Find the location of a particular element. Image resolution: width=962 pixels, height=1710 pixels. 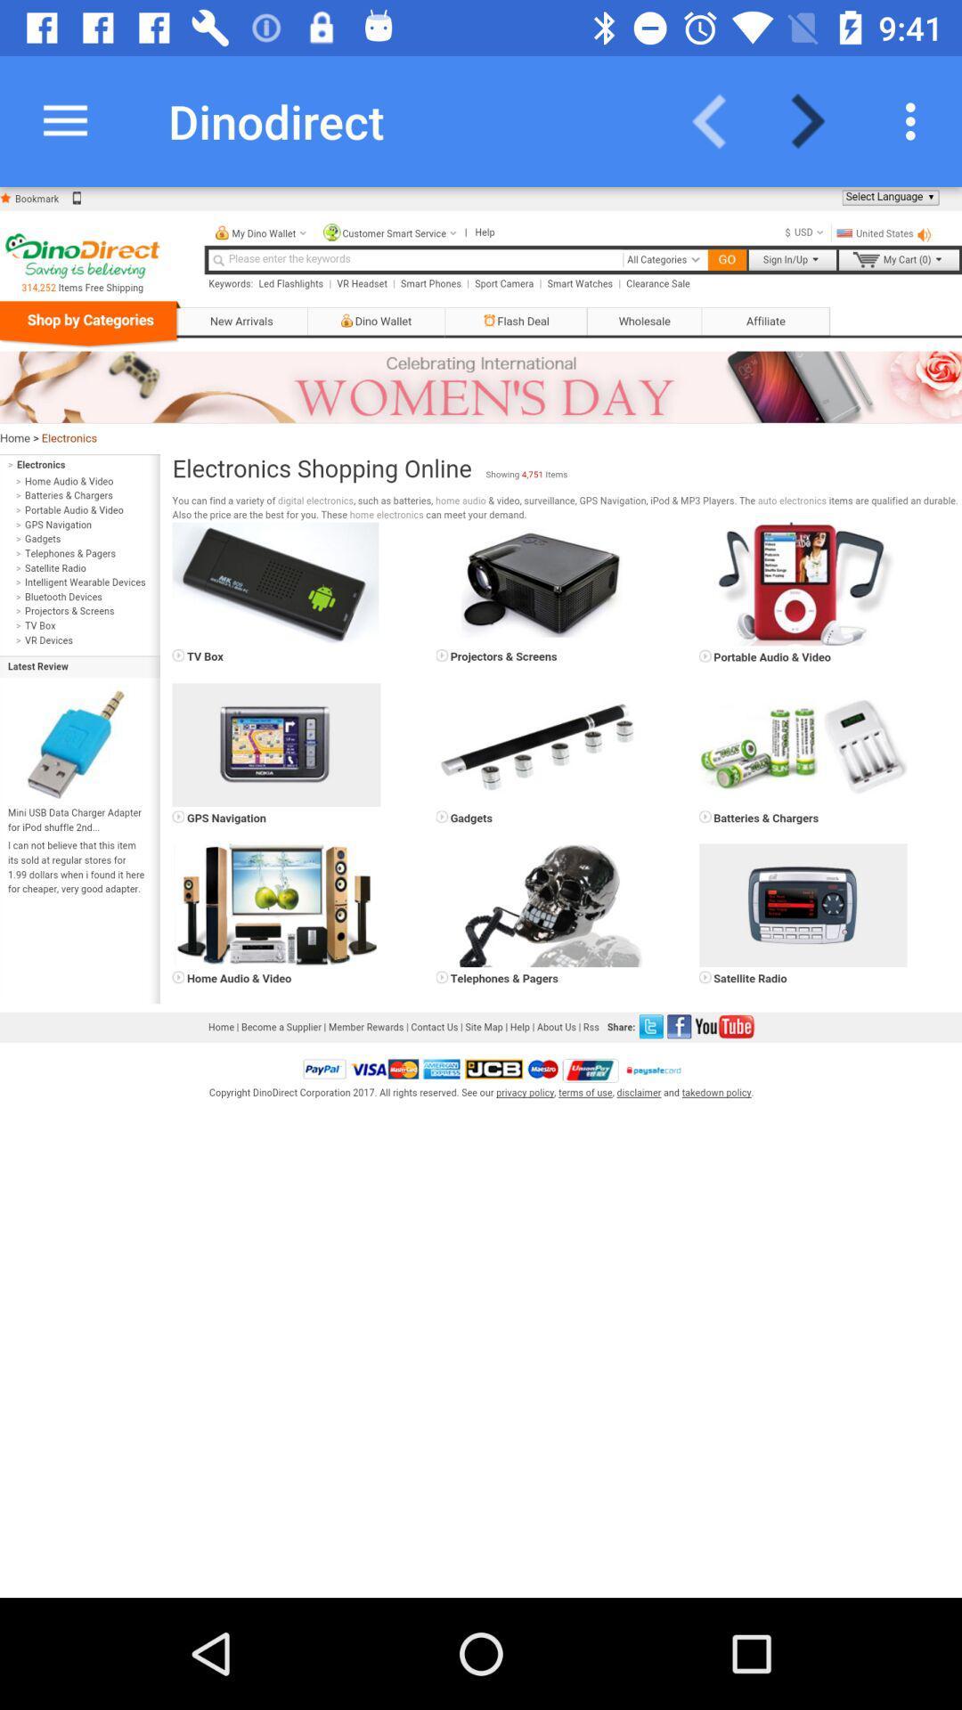

go back is located at coordinates (720, 120).